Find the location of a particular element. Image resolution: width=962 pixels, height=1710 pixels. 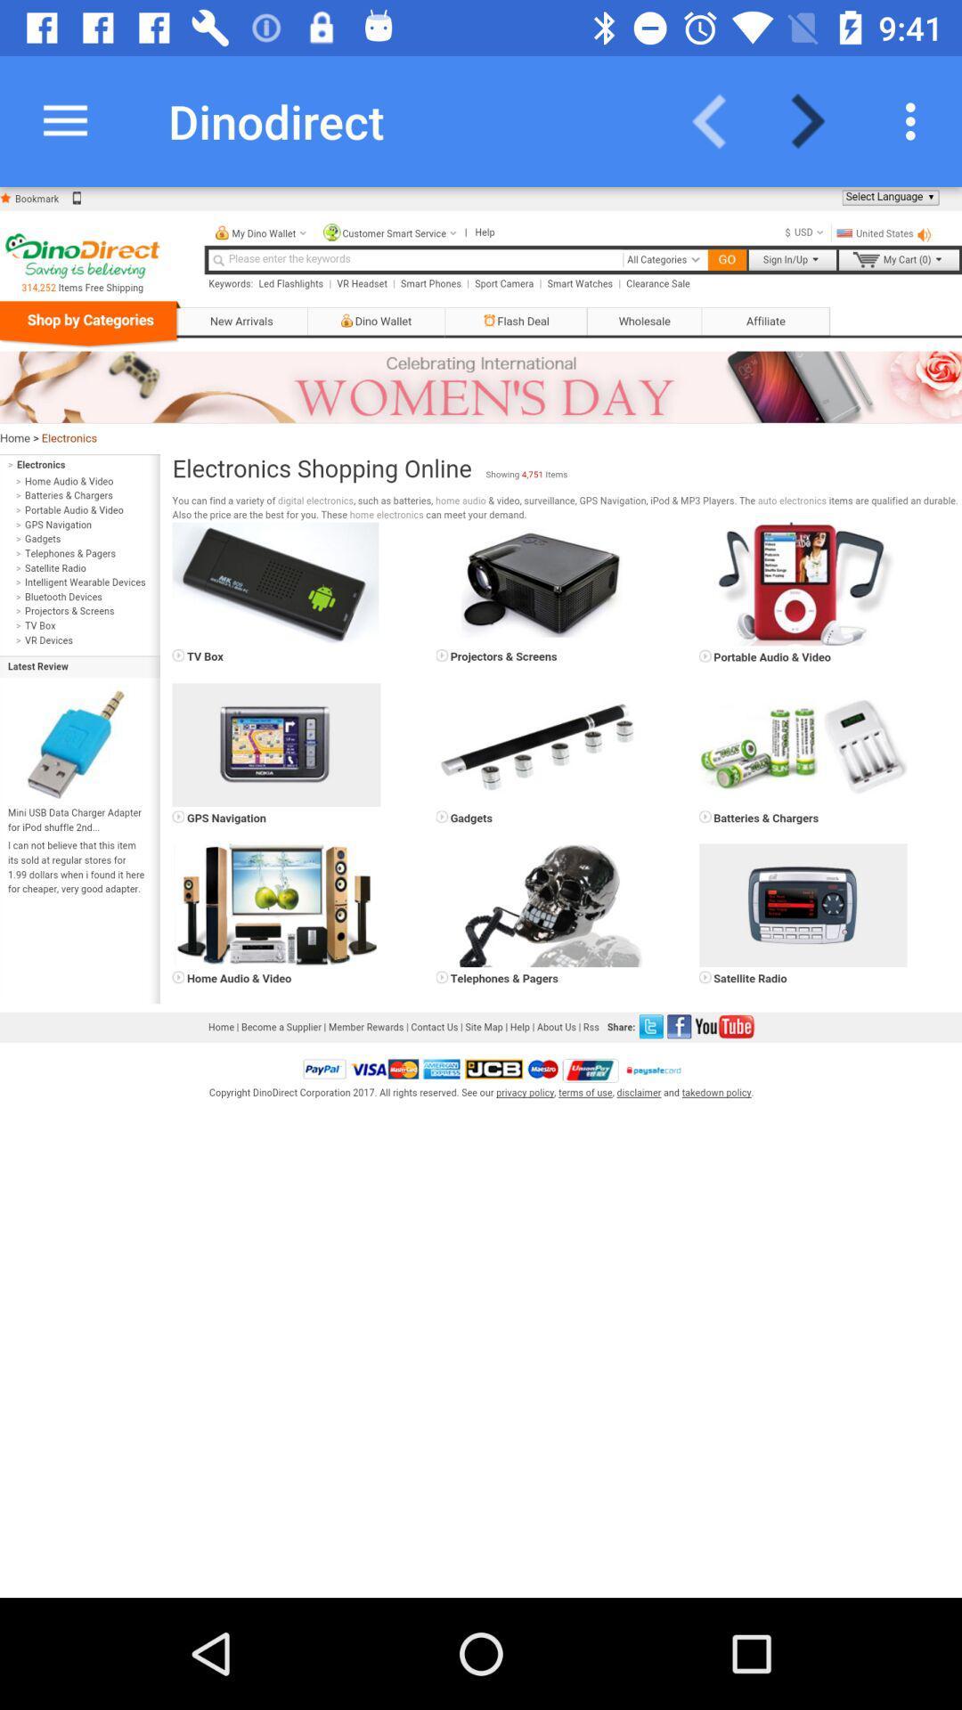

go back is located at coordinates (720, 120).